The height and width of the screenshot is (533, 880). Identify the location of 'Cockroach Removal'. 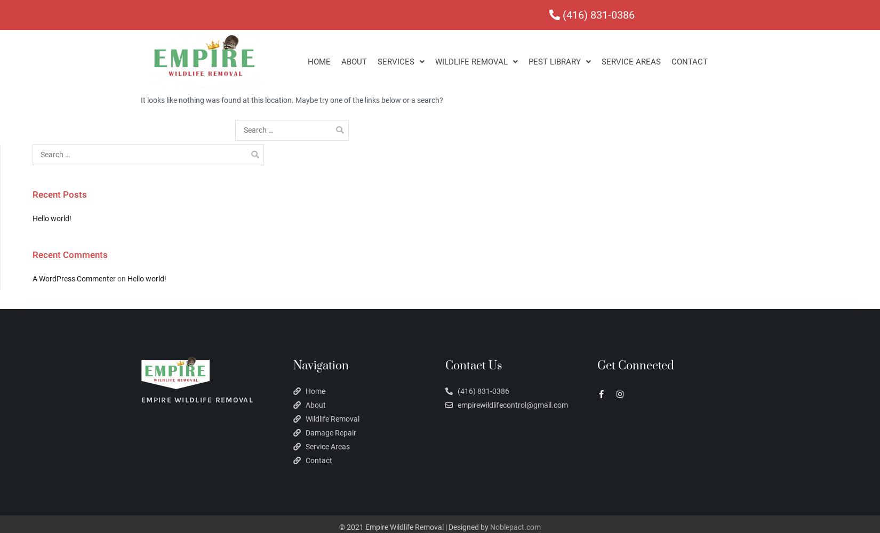
(581, 134).